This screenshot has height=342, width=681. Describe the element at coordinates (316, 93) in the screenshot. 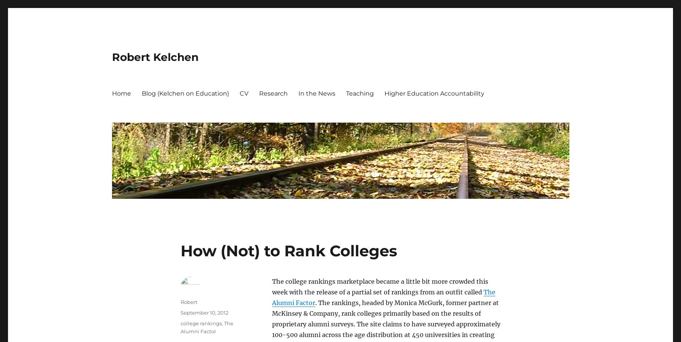

I see `'In the News'` at that location.